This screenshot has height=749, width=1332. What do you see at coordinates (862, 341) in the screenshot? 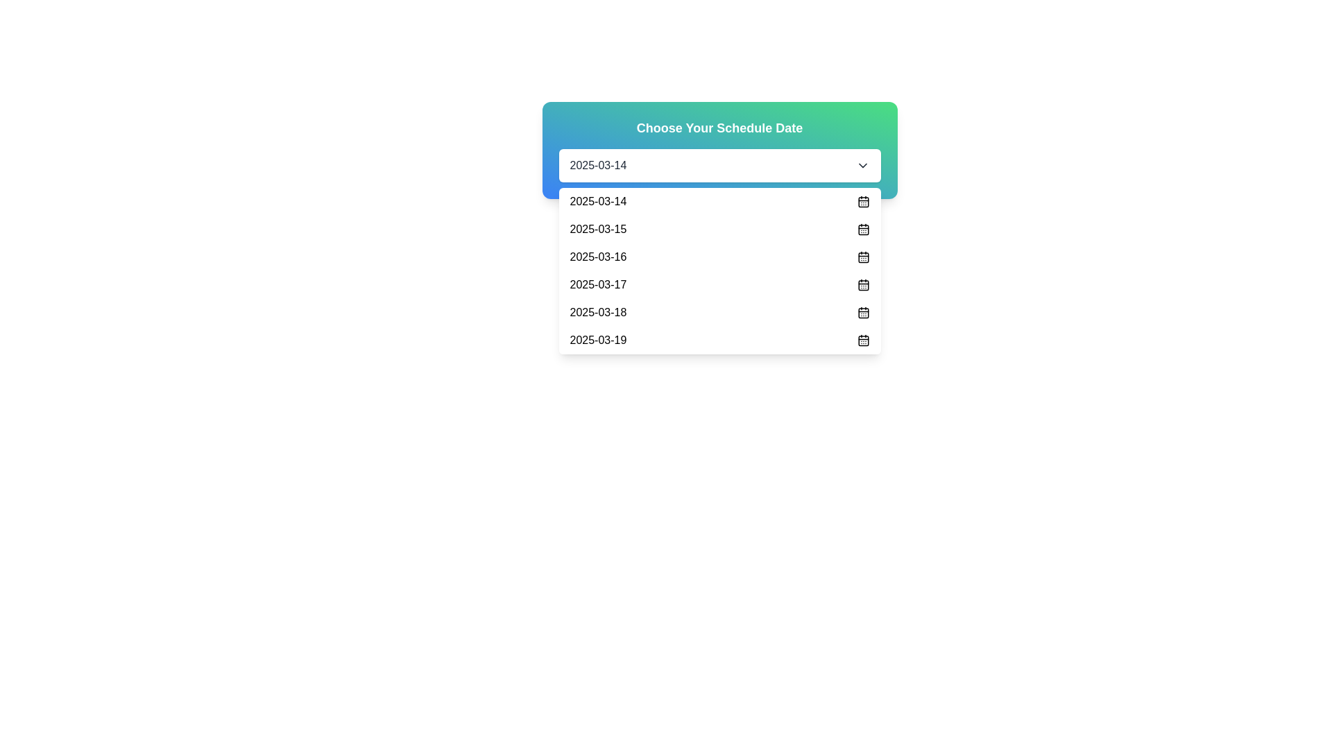
I see `the calendar icon located to the right of the last list item in the dropdown menu, aligned vertically with the date text '2025-03-19'` at bounding box center [862, 341].